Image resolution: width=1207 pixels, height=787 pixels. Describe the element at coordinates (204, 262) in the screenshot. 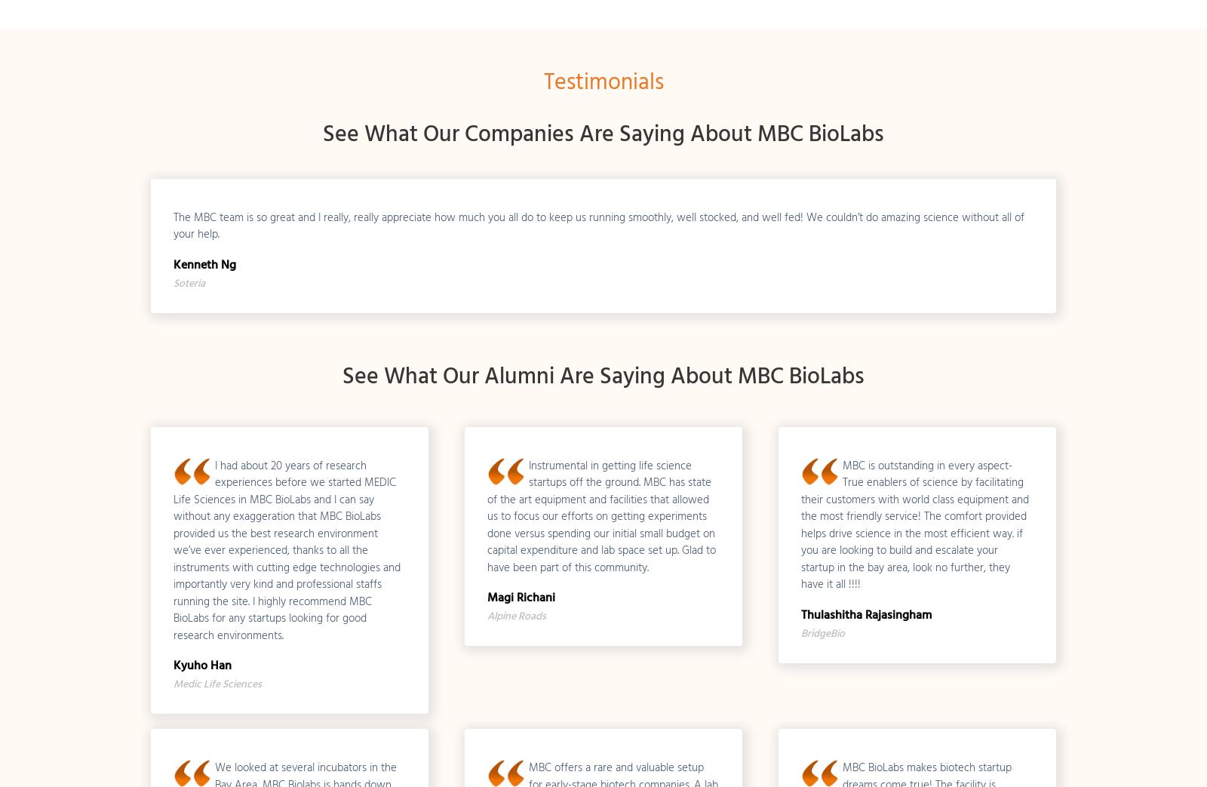

I see `'Kenneth Ng'` at that location.